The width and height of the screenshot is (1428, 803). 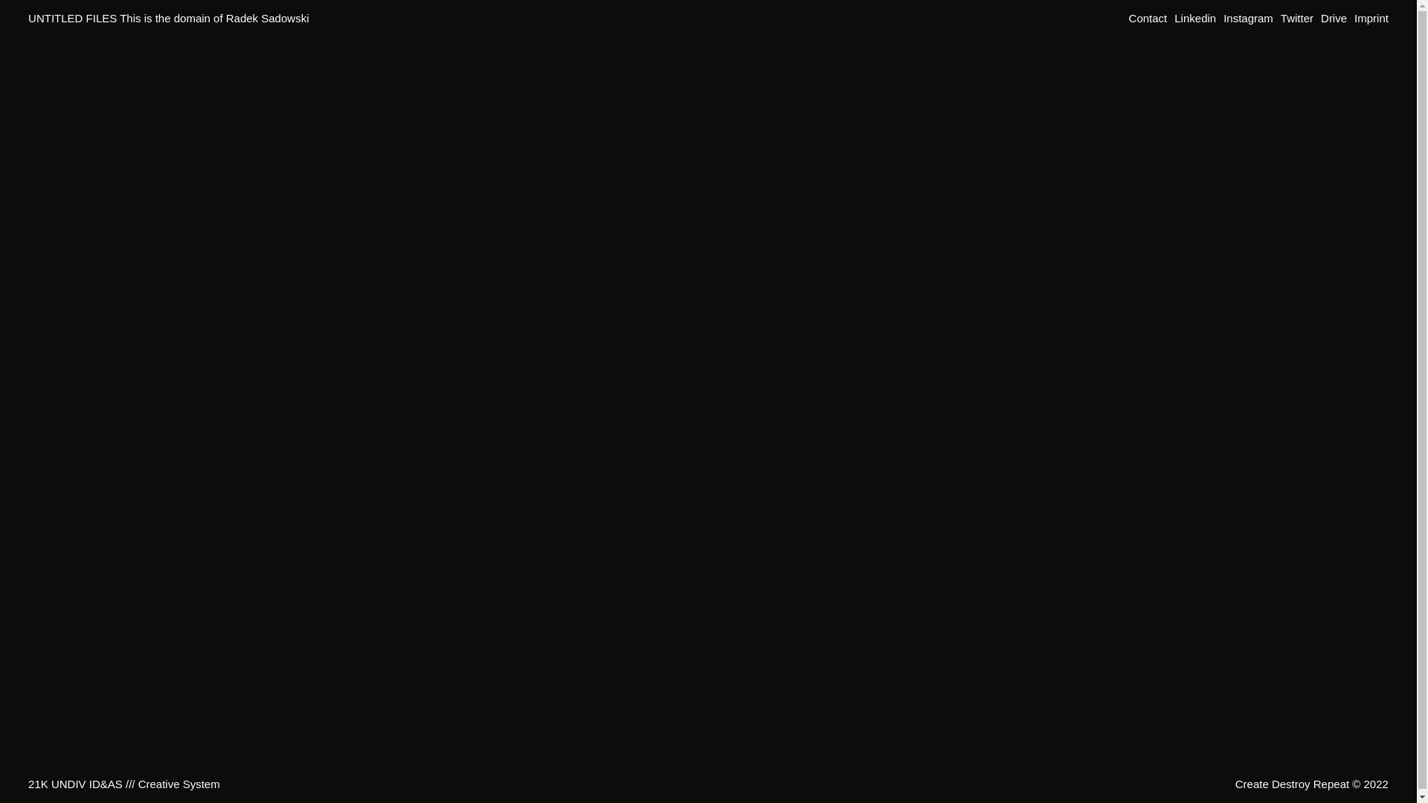 What do you see at coordinates (1334, 18) in the screenshot?
I see `'Drive'` at bounding box center [1334, 18].